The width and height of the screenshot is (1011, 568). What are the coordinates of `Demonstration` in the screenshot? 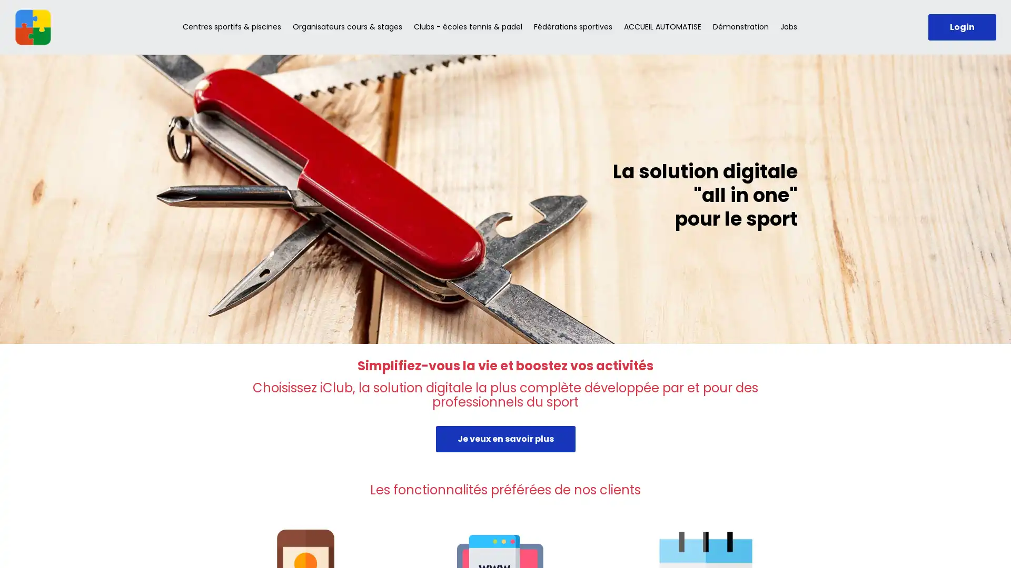 It's located at (740, 26).